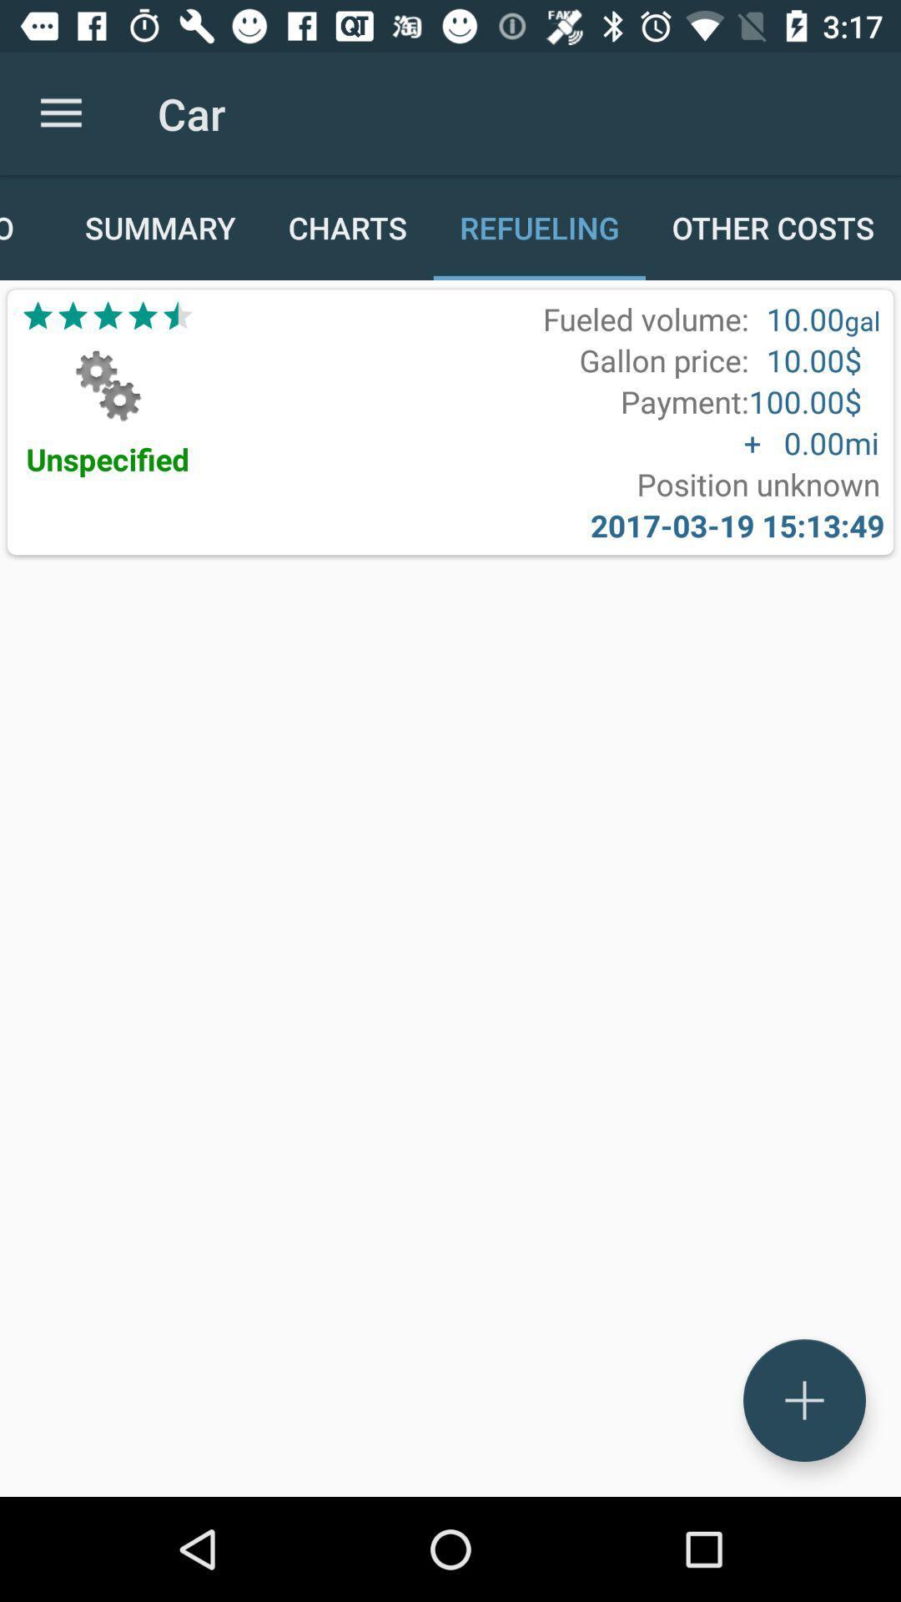 This screenshot has height=1602, width=901. I want to click on item to the left of the car icon, so click(60, 113).